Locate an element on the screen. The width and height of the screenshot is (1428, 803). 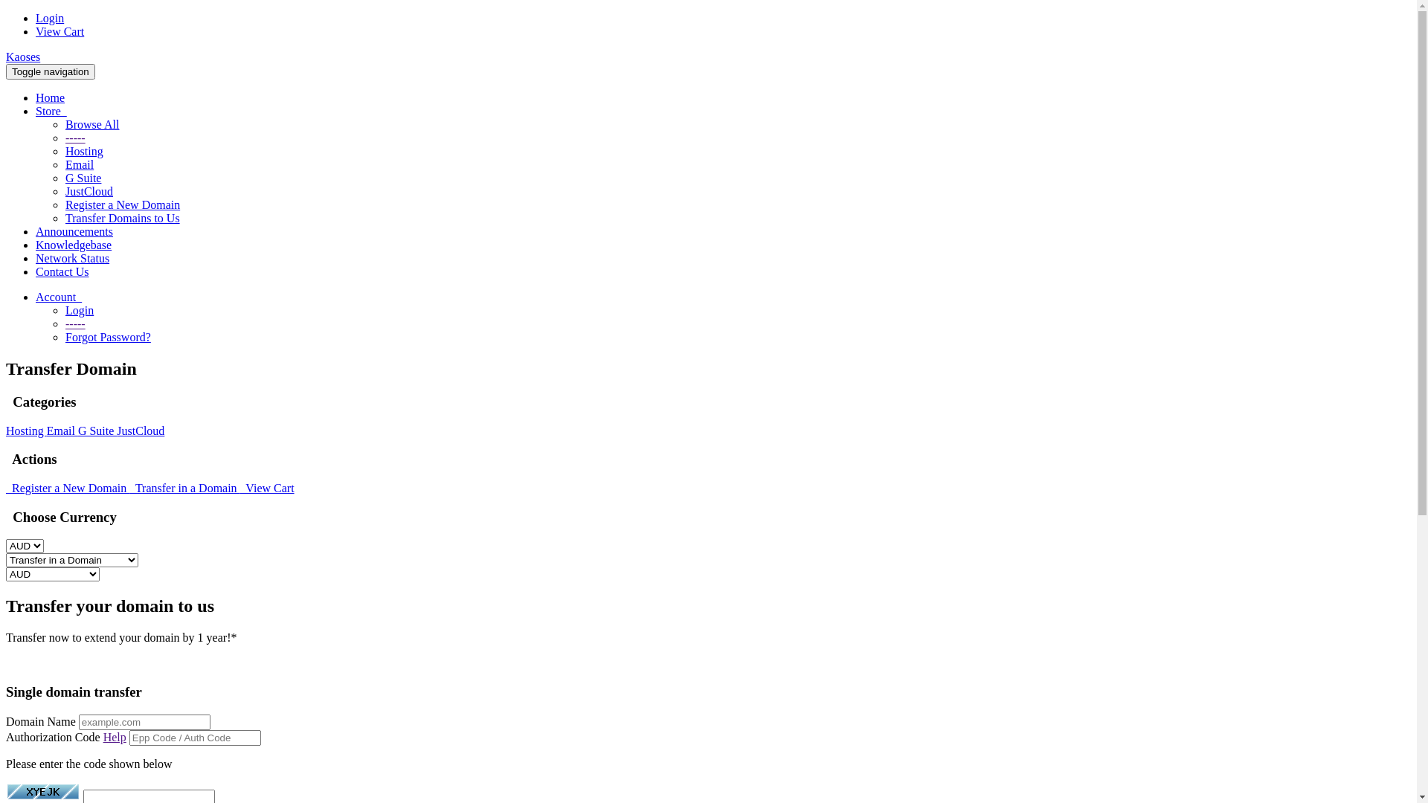
'Please enter your domain' is located at coordinates (144, 721).